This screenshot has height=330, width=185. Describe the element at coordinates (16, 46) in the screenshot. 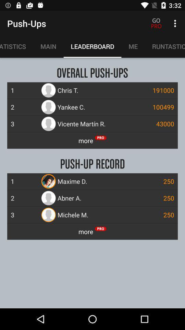

I see `the app below push-ups` at that location.